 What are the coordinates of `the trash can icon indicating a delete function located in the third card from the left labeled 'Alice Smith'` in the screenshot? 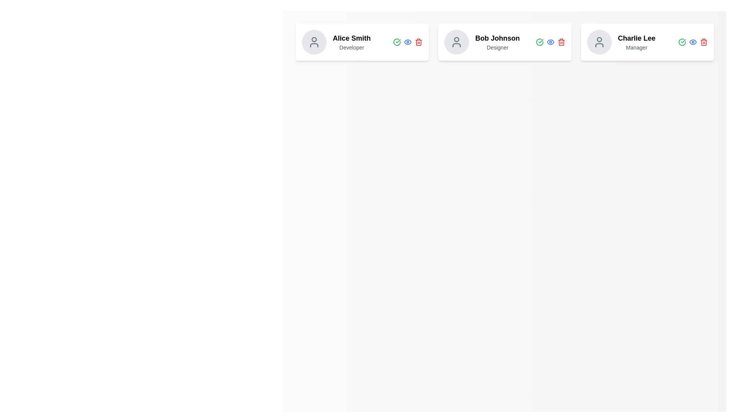 It's located at (418, 43).